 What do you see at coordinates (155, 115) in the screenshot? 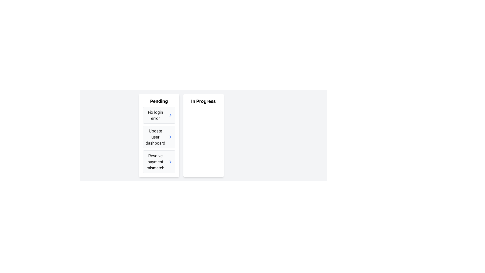
I see `the text label 'Fix login error'` at bounding box center [155, 115].